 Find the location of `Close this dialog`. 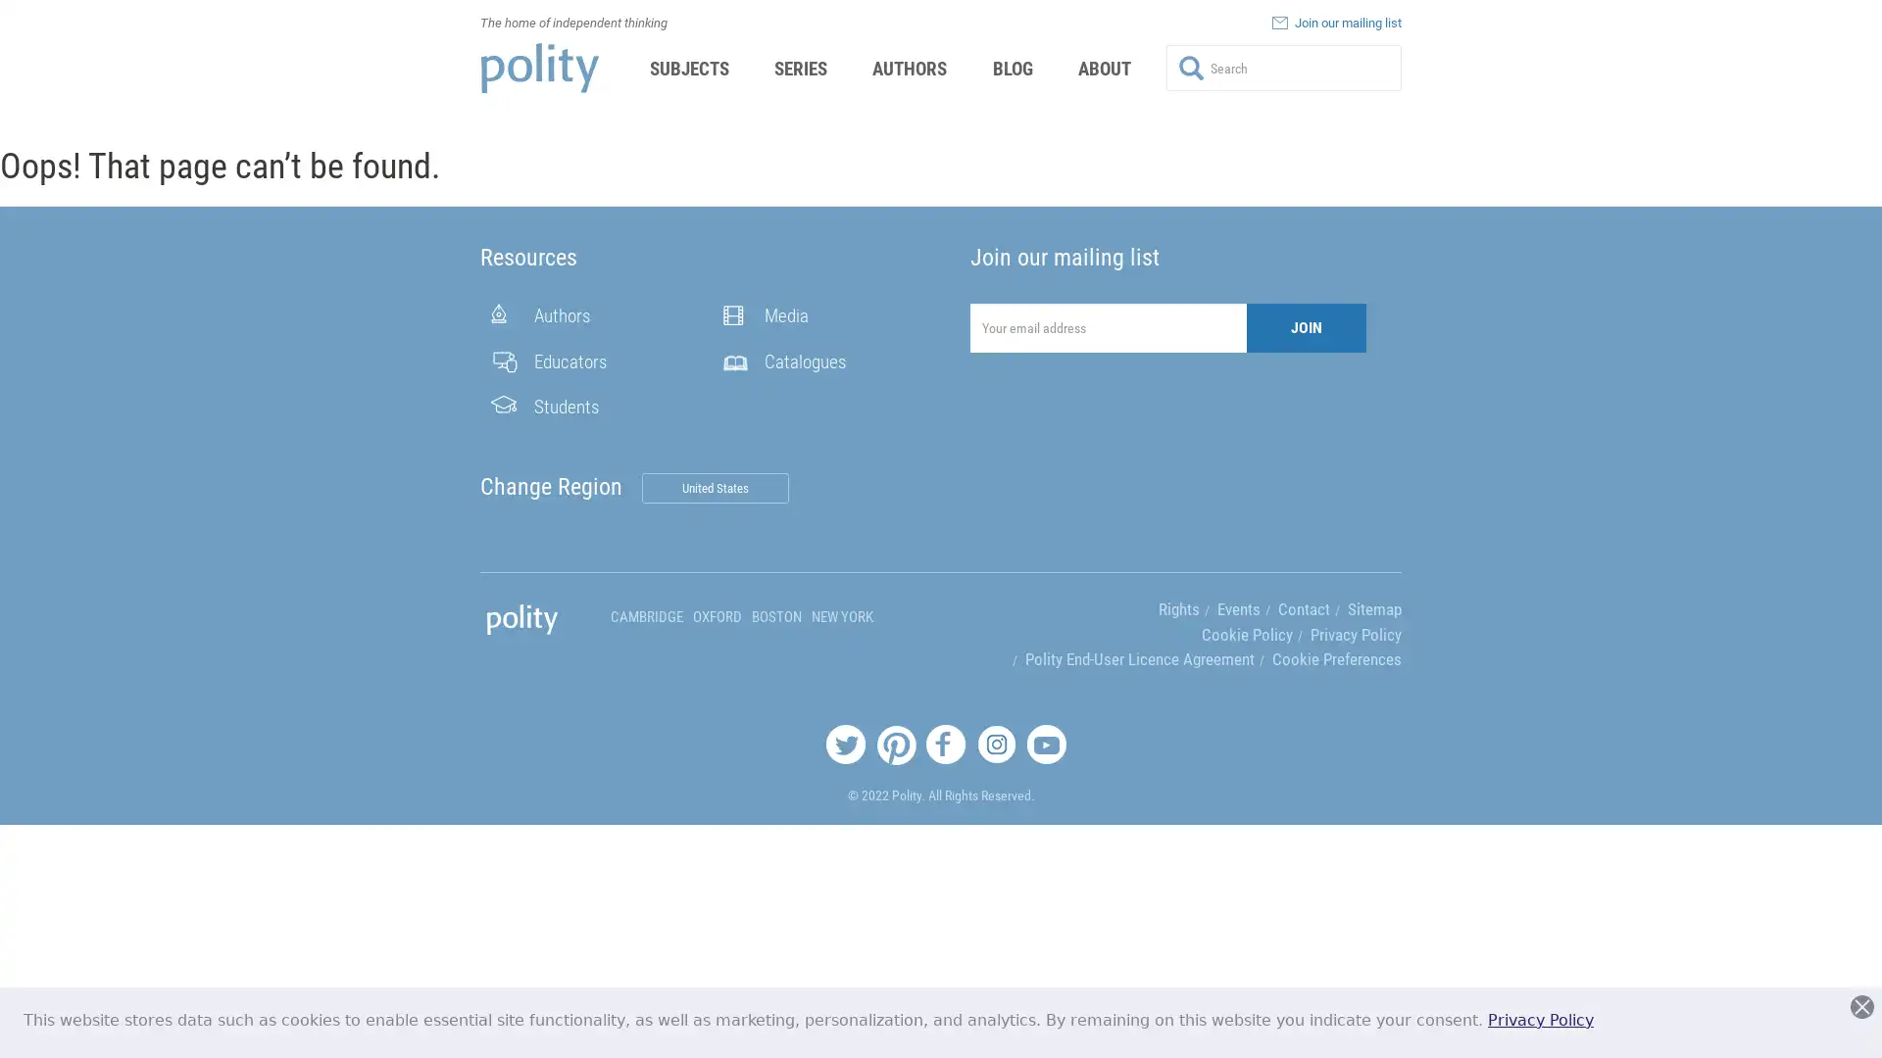

Close this dialog is located at coordinates (1861, 1007).